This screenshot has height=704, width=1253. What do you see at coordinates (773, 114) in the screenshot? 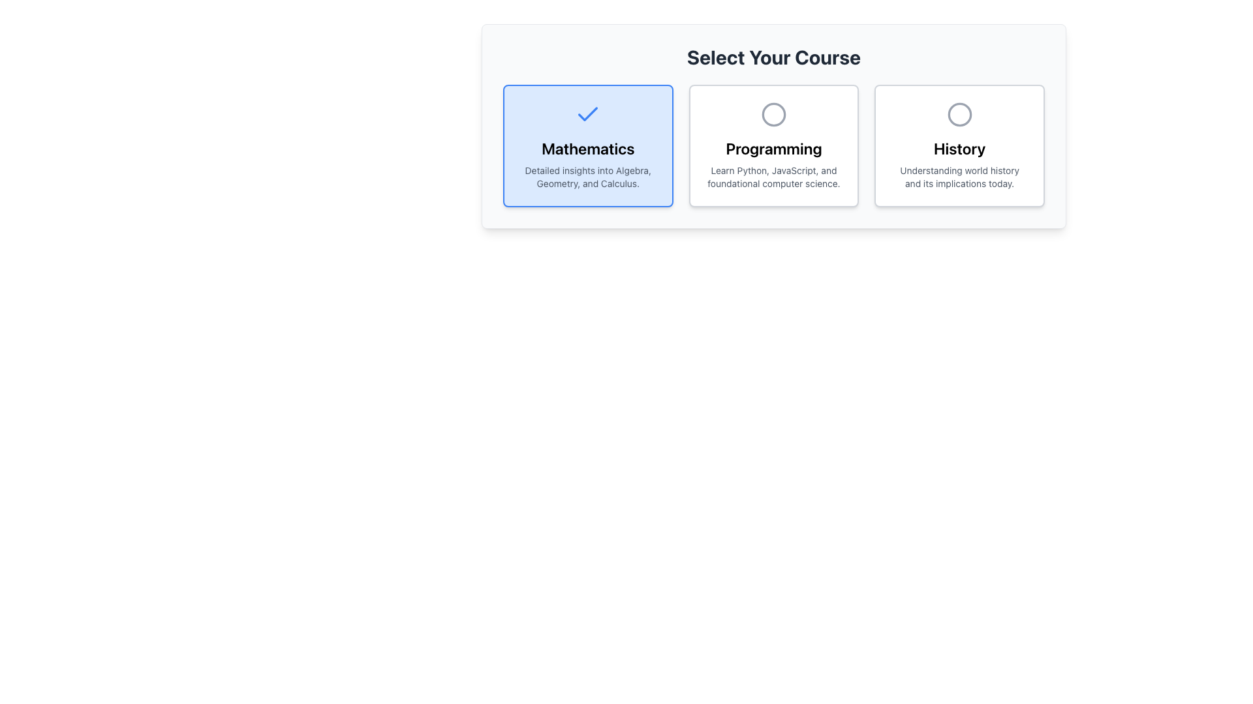
I see `the graphical icon (circle) indicating the selection state of the programming course located centrally in the second course card` at bounding box center [773, 114].